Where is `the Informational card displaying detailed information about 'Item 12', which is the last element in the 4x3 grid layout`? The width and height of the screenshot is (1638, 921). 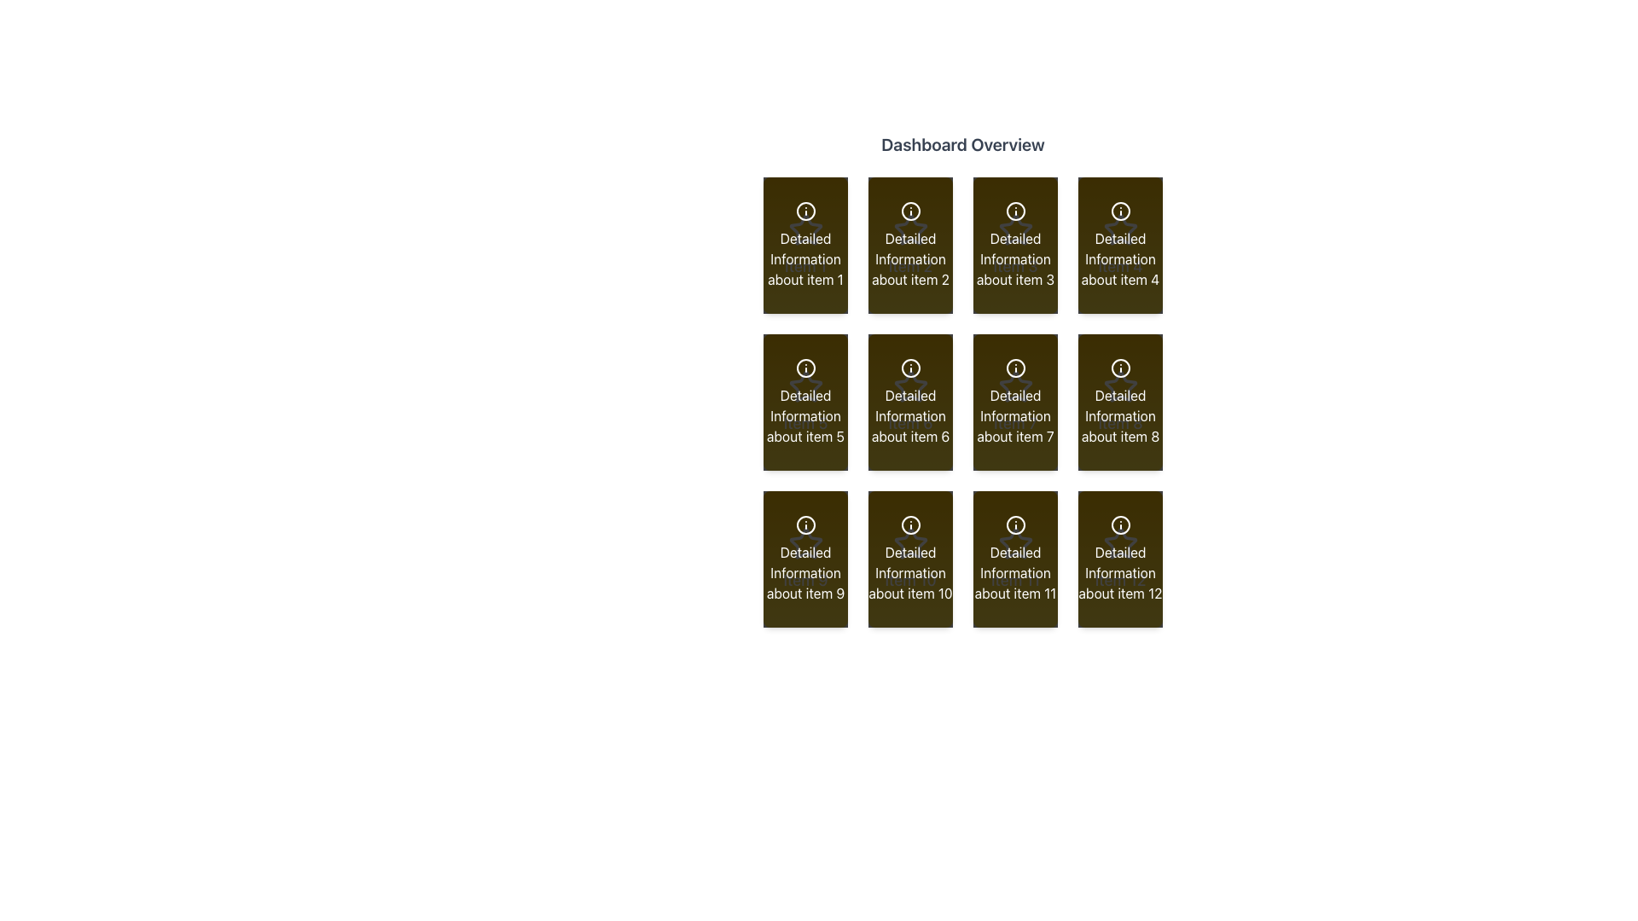 the Informational card displaying detailed information about 'Item 12', which is the last element in the 4x3 grid layout is located at coordinates (1120, 559).